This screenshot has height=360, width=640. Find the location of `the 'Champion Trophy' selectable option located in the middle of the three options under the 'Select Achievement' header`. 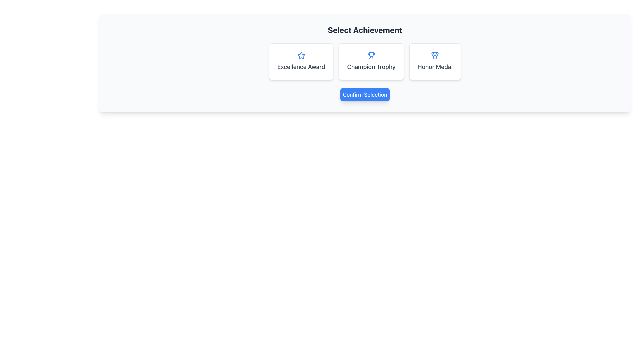

the 'Champion Trophy' selectable option located in the middle of the three options under the 'Select Achievement' header is located at coordinates (364, 62).